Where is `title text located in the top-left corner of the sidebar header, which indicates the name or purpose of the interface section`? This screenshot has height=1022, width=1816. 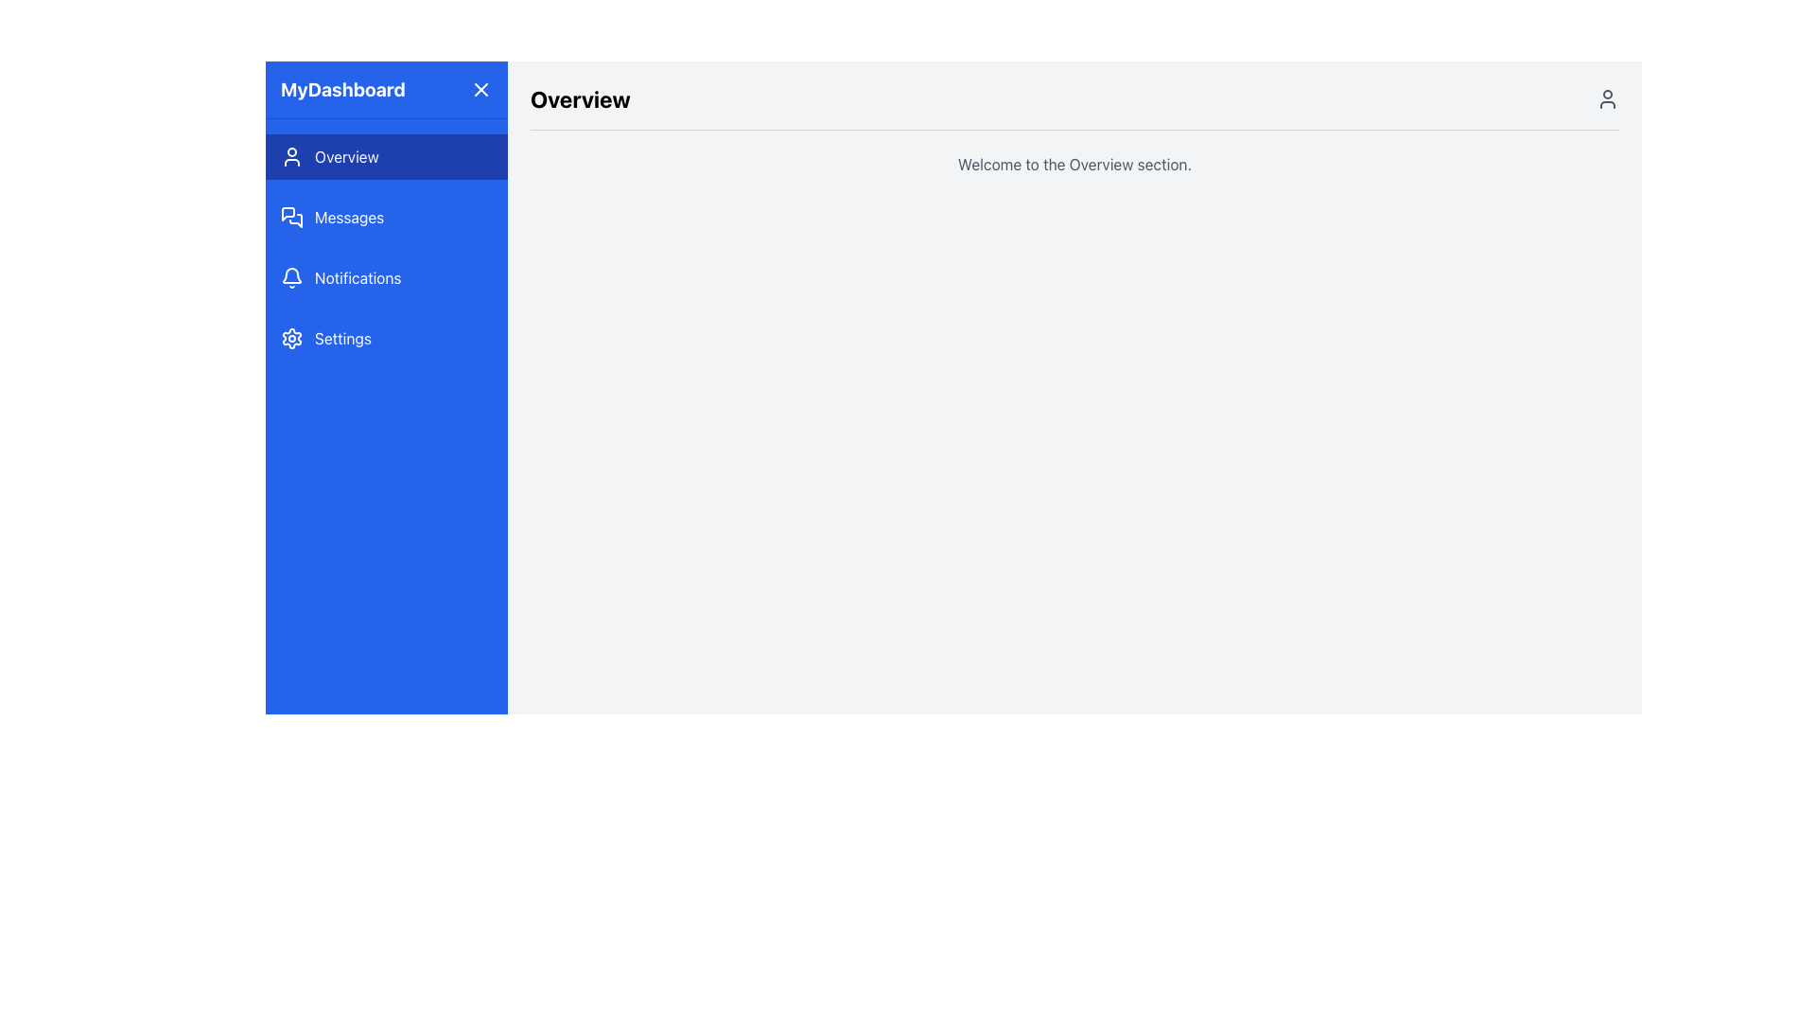
title text located in the top-left corner of the sidebar header, which indicates the name or purpose of the interface section is located at coordinates (342, 90).